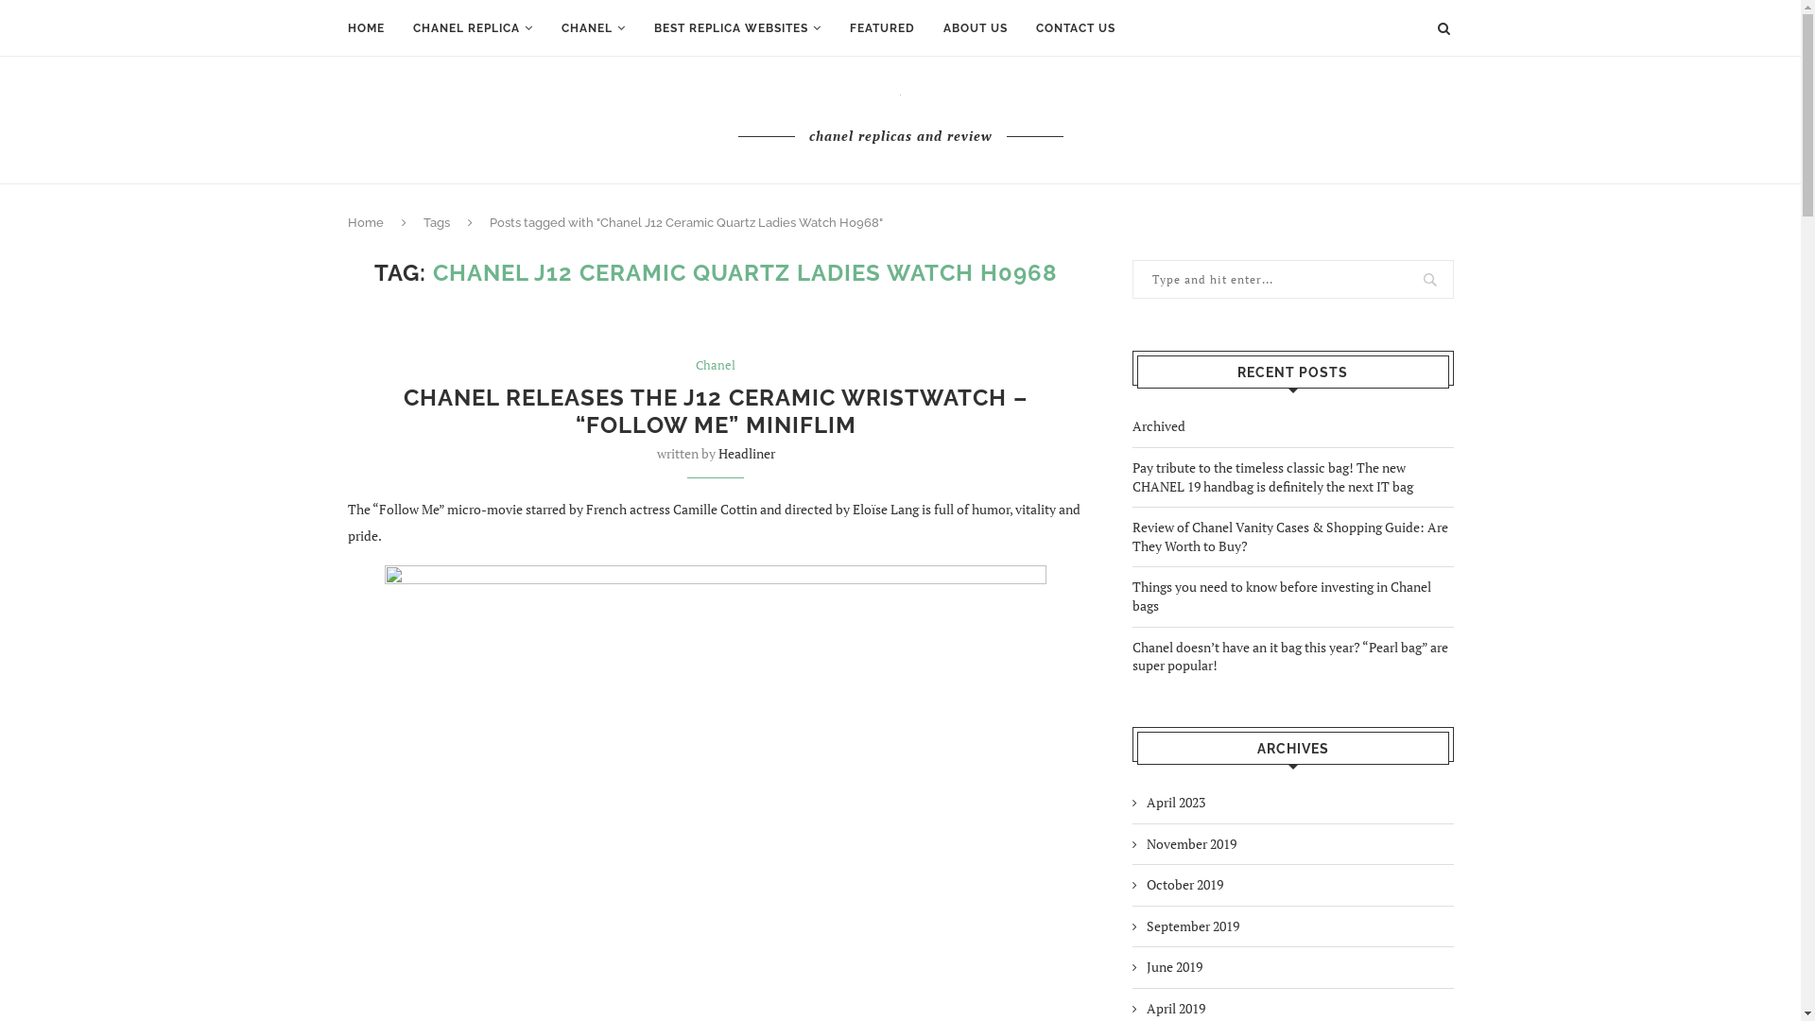  Describe the element at coordinates (1177, 885) in the screenshot. I see `'October 2019'` at that location.